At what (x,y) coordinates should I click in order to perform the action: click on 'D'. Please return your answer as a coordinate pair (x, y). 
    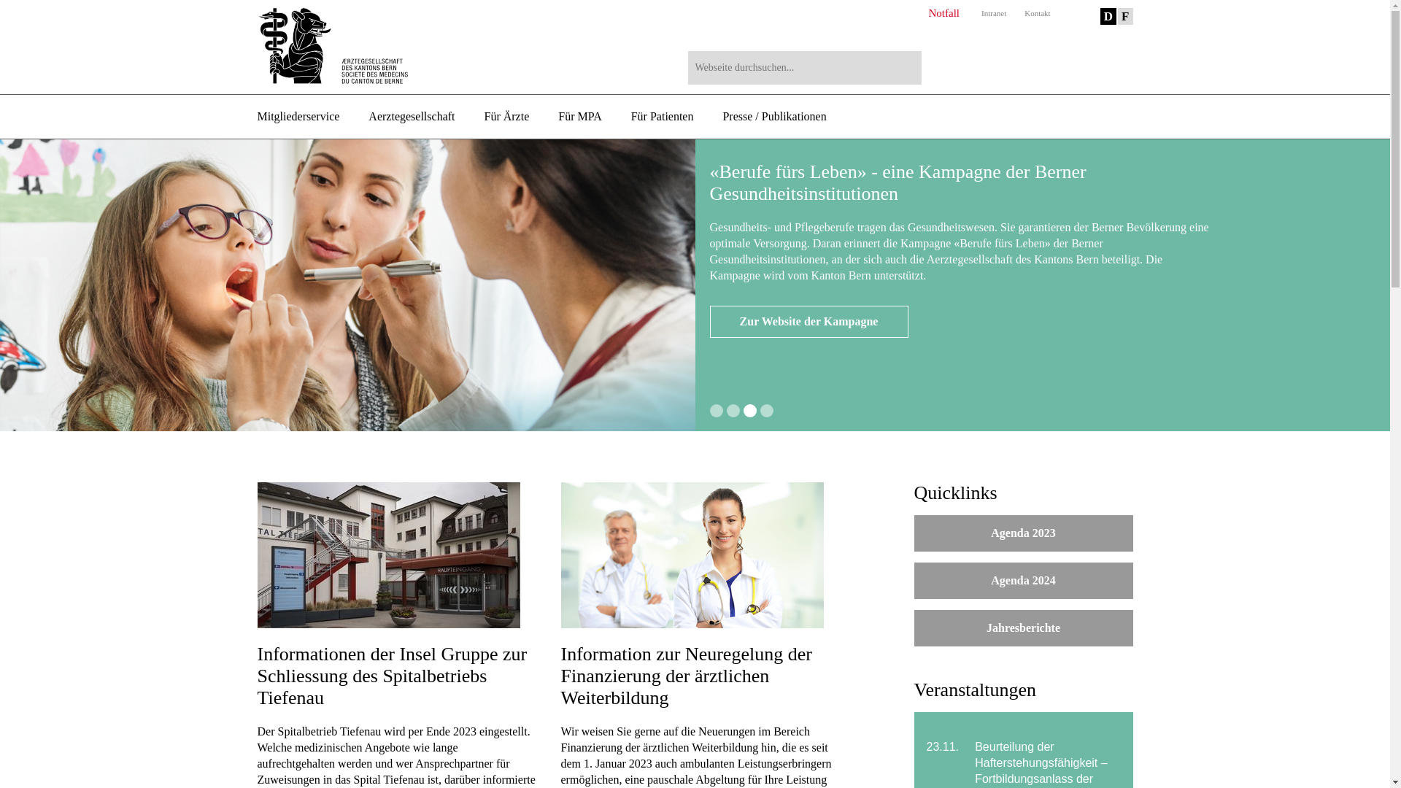
    Looking at the image, I should click on (1108, 16).